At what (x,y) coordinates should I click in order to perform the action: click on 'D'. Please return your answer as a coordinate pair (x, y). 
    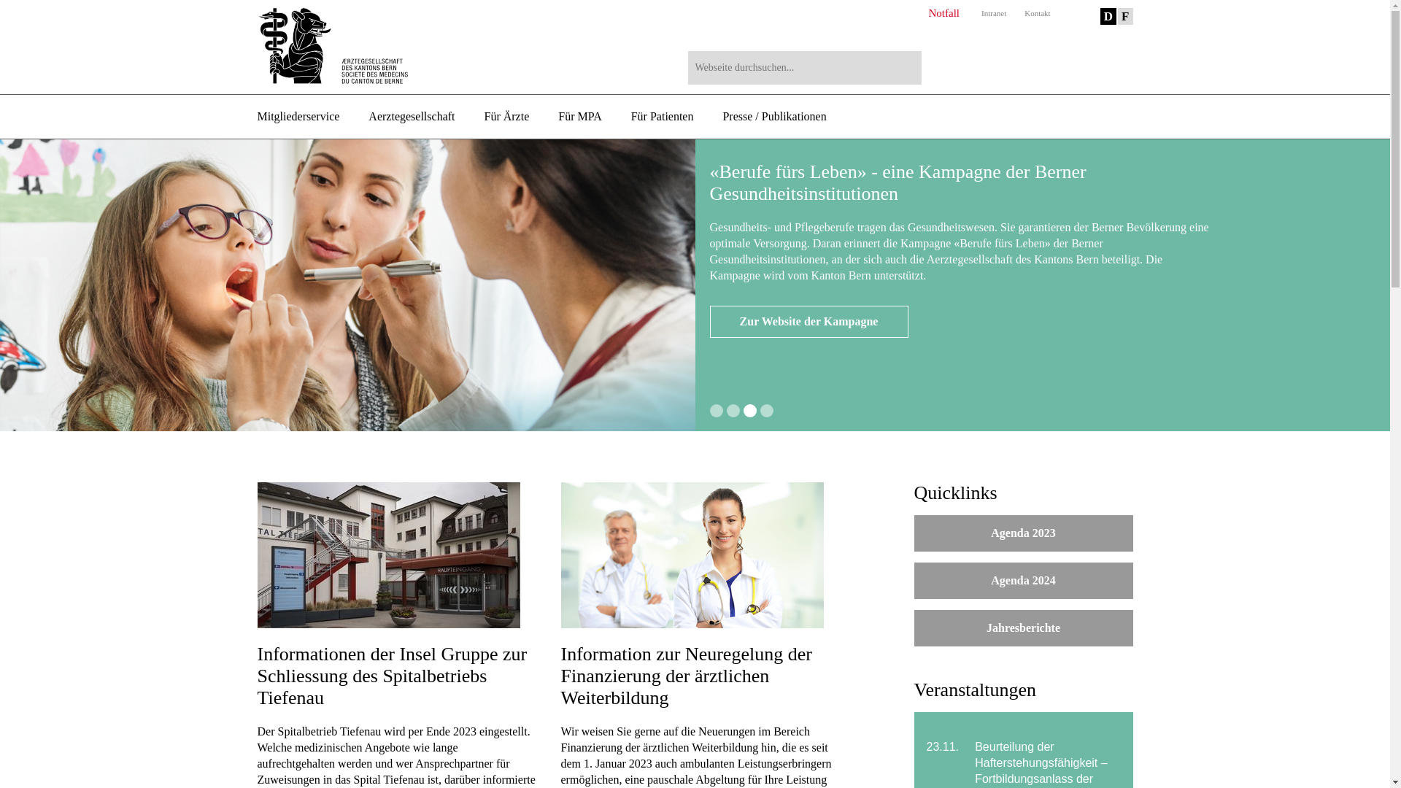
    Looking at the image, I should click on (1108, 16).